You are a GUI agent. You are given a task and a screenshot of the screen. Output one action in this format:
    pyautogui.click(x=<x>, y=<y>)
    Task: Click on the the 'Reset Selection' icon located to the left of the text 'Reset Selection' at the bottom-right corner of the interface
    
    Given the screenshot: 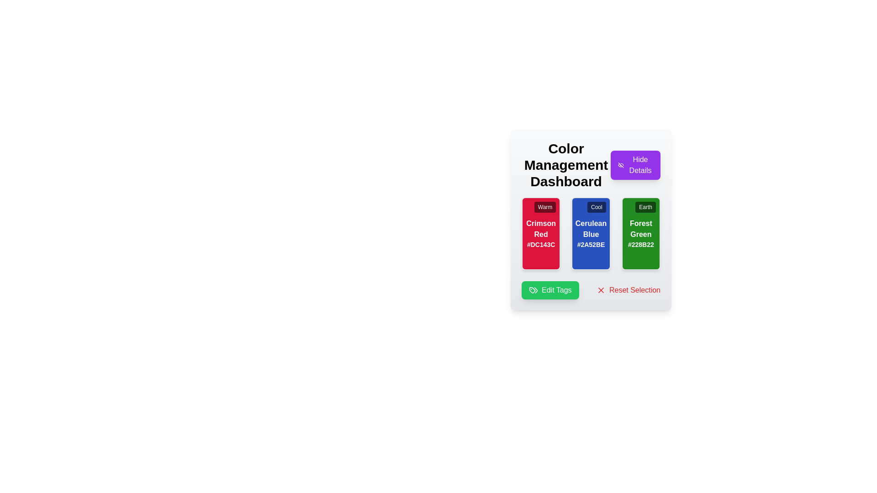 What is the action you would take?
    pyautogui.click(x=601, y=290)
    